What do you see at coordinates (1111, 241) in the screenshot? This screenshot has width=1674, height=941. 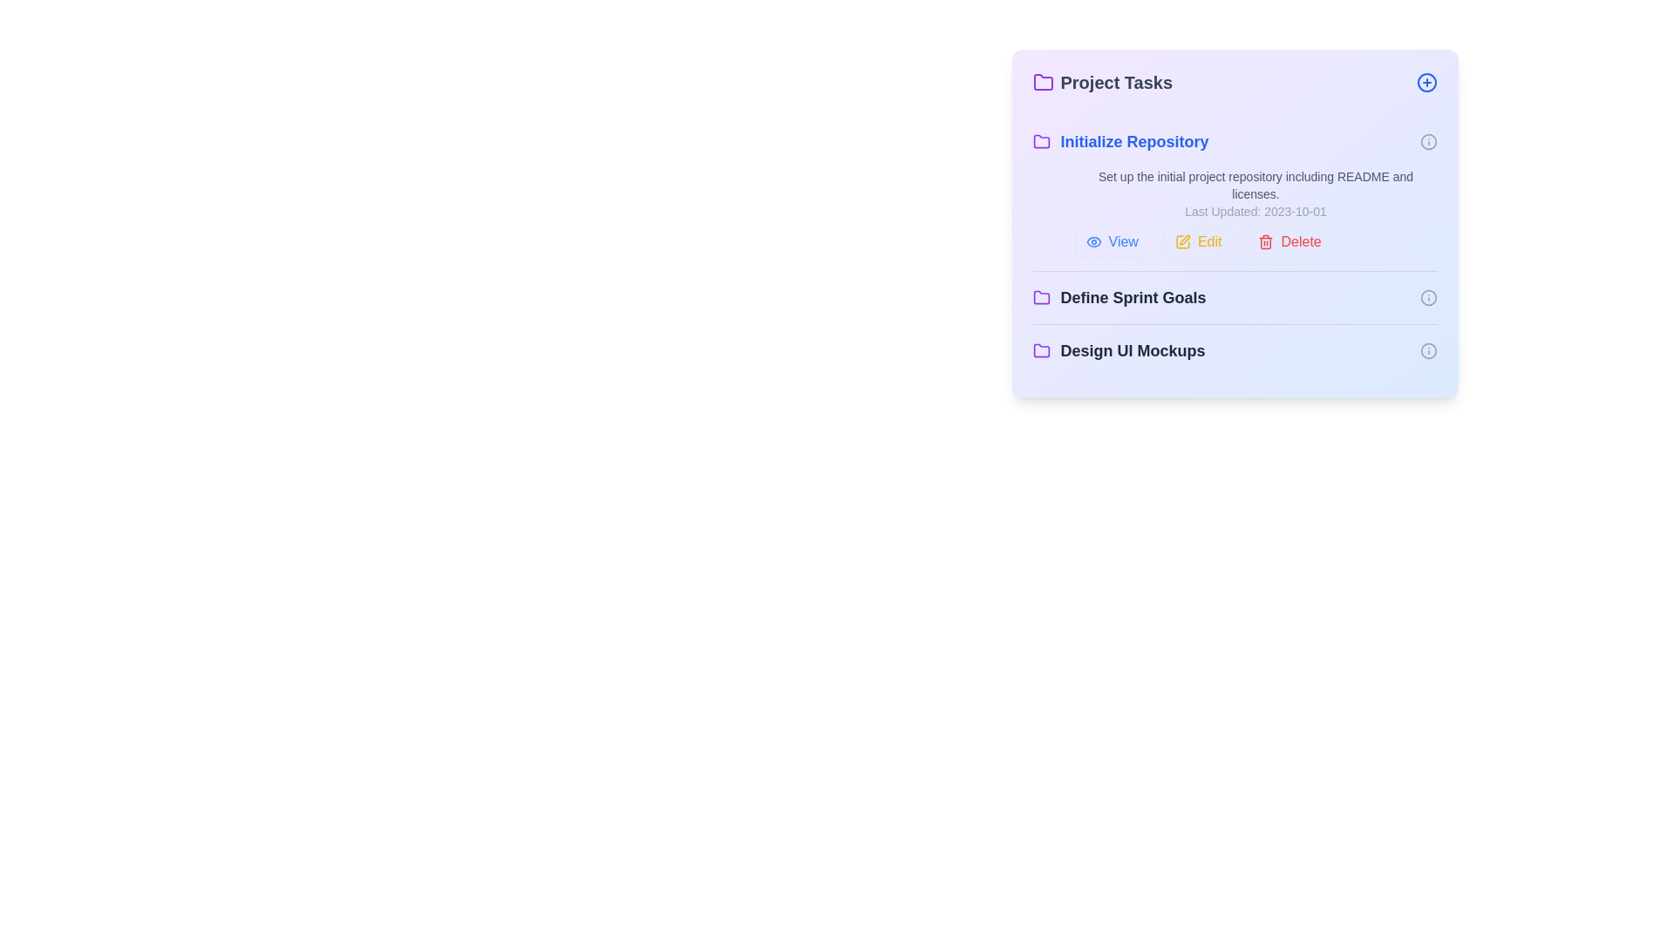 I see `the 'View' button, which is styled in blue with rounded corners and features an adjacent eye icon, located under the 'Initialize Repository' box in the 'Project Tasks' section` at bounding box center [1111, 241].